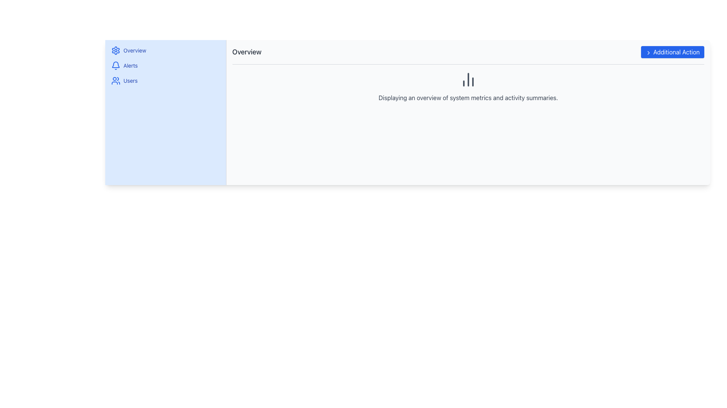 Image resolution: width=727 pixels, height=408 pixels. What do you see at coordinates (115, 65) in the screenshot?
I see `the bell icon located near the top-center of the blue sidebar, to the left of the text 'Alerts'` at bounding box center [115, 65].